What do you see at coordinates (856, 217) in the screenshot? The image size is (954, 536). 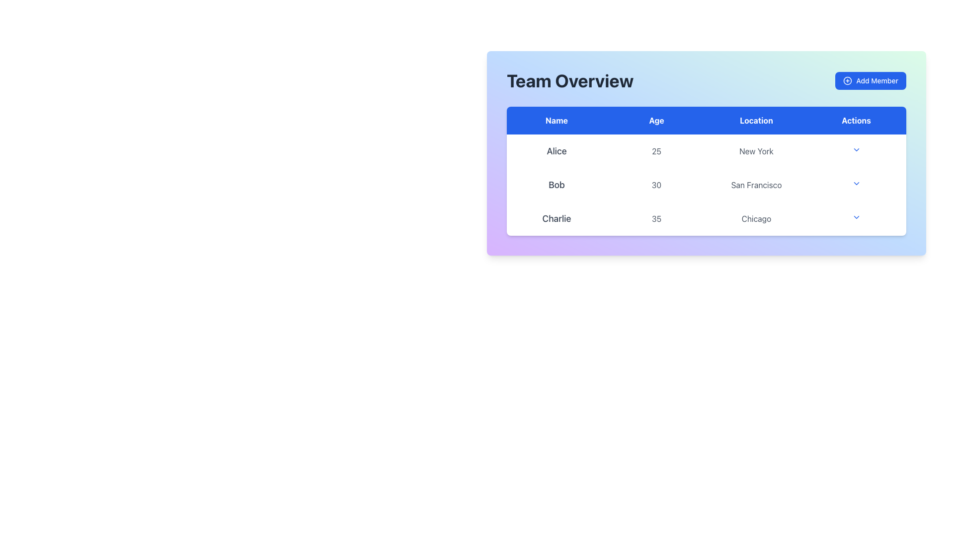 I see `the button in the 'Actions' column of the third row of the table` at bounding box center [856, 217].